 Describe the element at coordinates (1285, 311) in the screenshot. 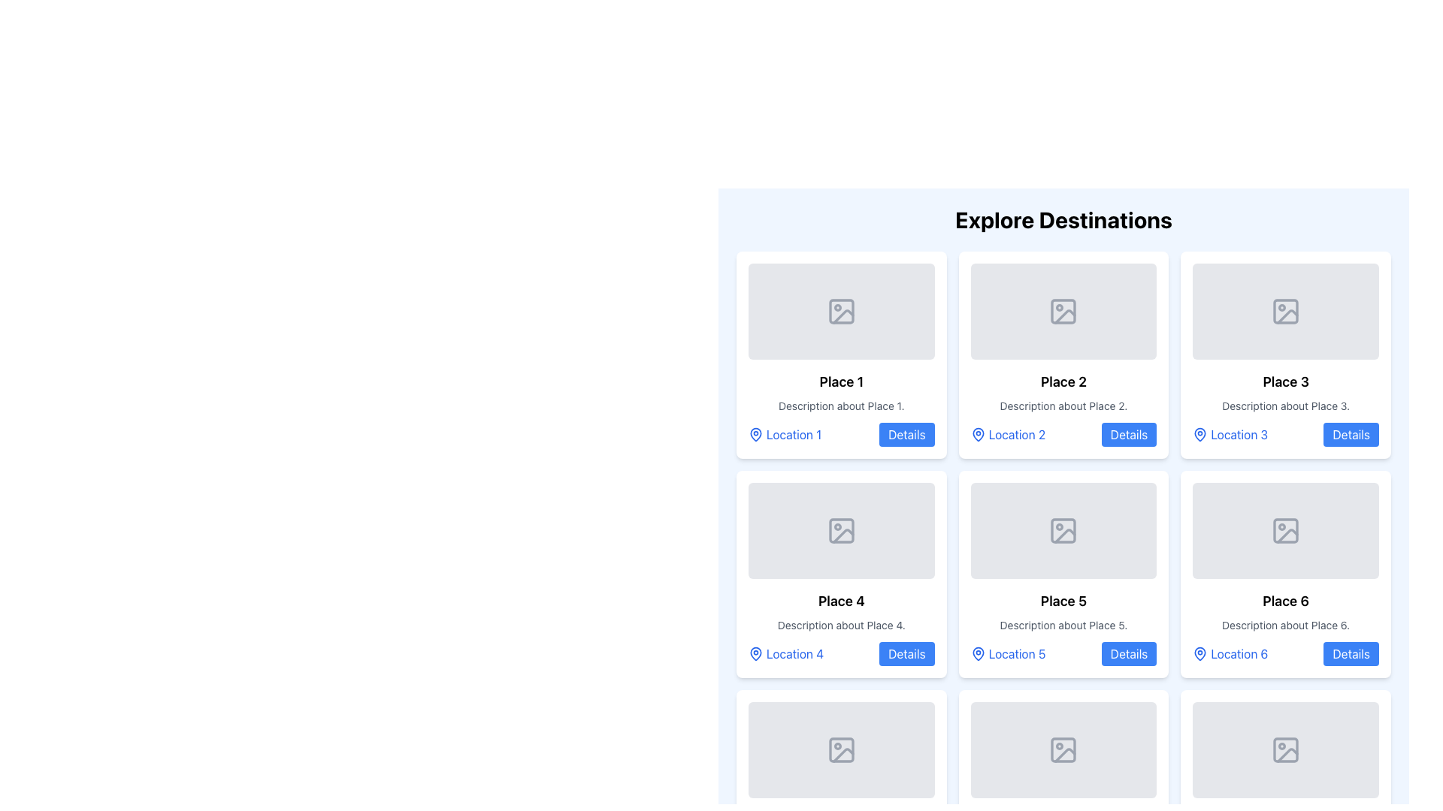

I see `the icon depicting a placeholder image located inside the image placeholder area for 'Place 3', which is the rightmost card in the first row of the displayed grid` at that location.